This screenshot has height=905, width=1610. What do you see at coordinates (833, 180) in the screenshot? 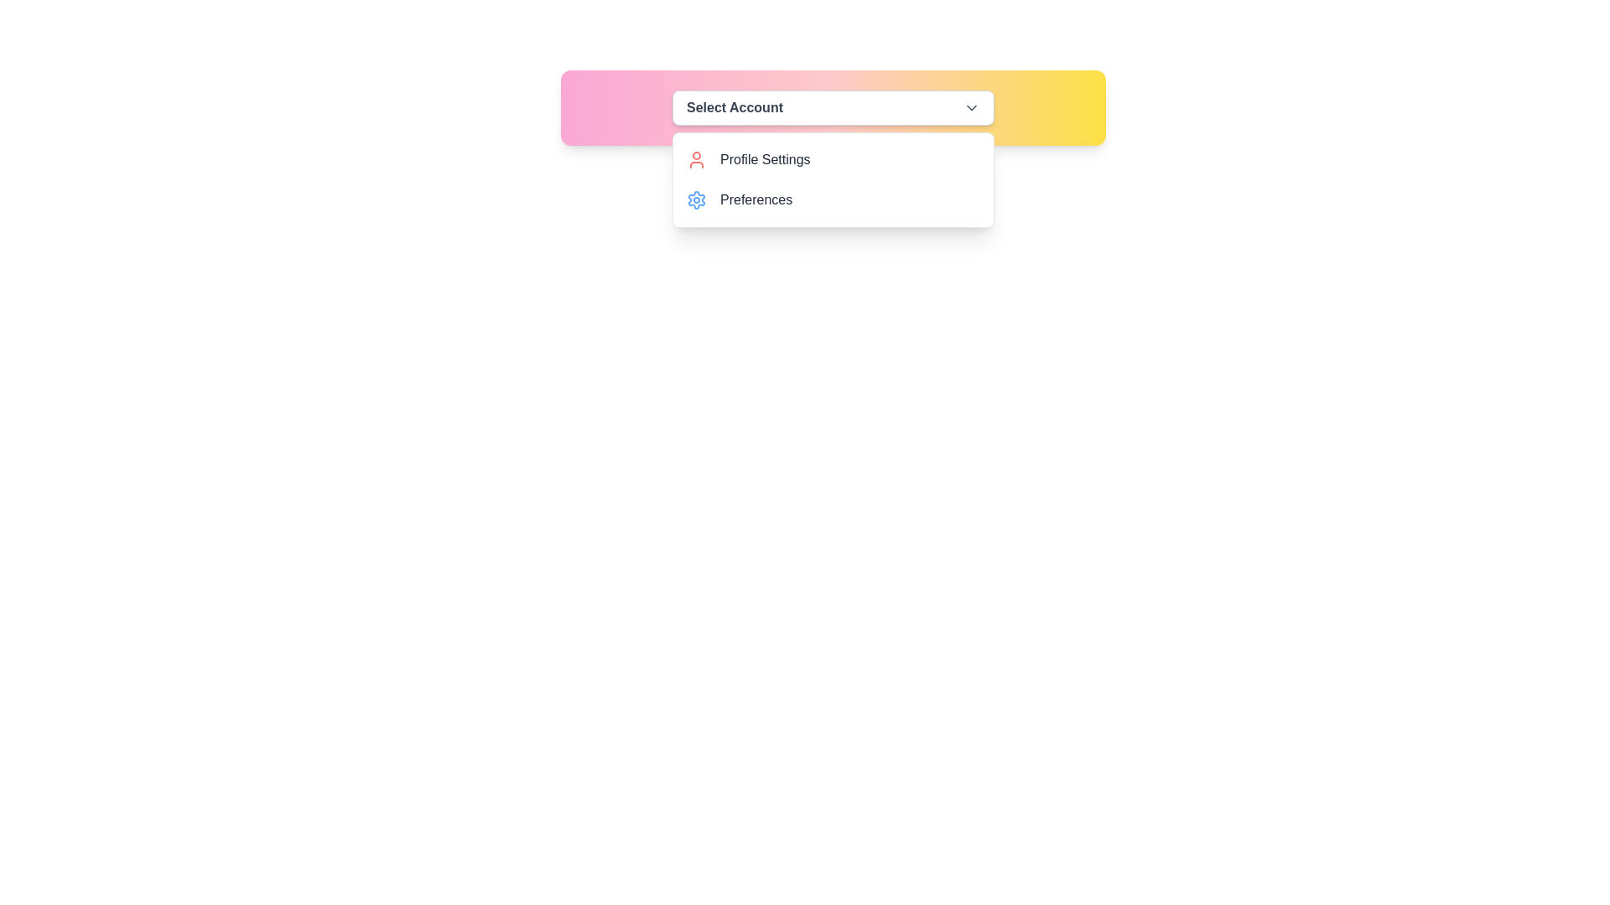
I see `the dropdown panel displaying 'Profile Settings' and 'Preferences' options, located below the 'Select Account' button` at bounding box center [833, 180].